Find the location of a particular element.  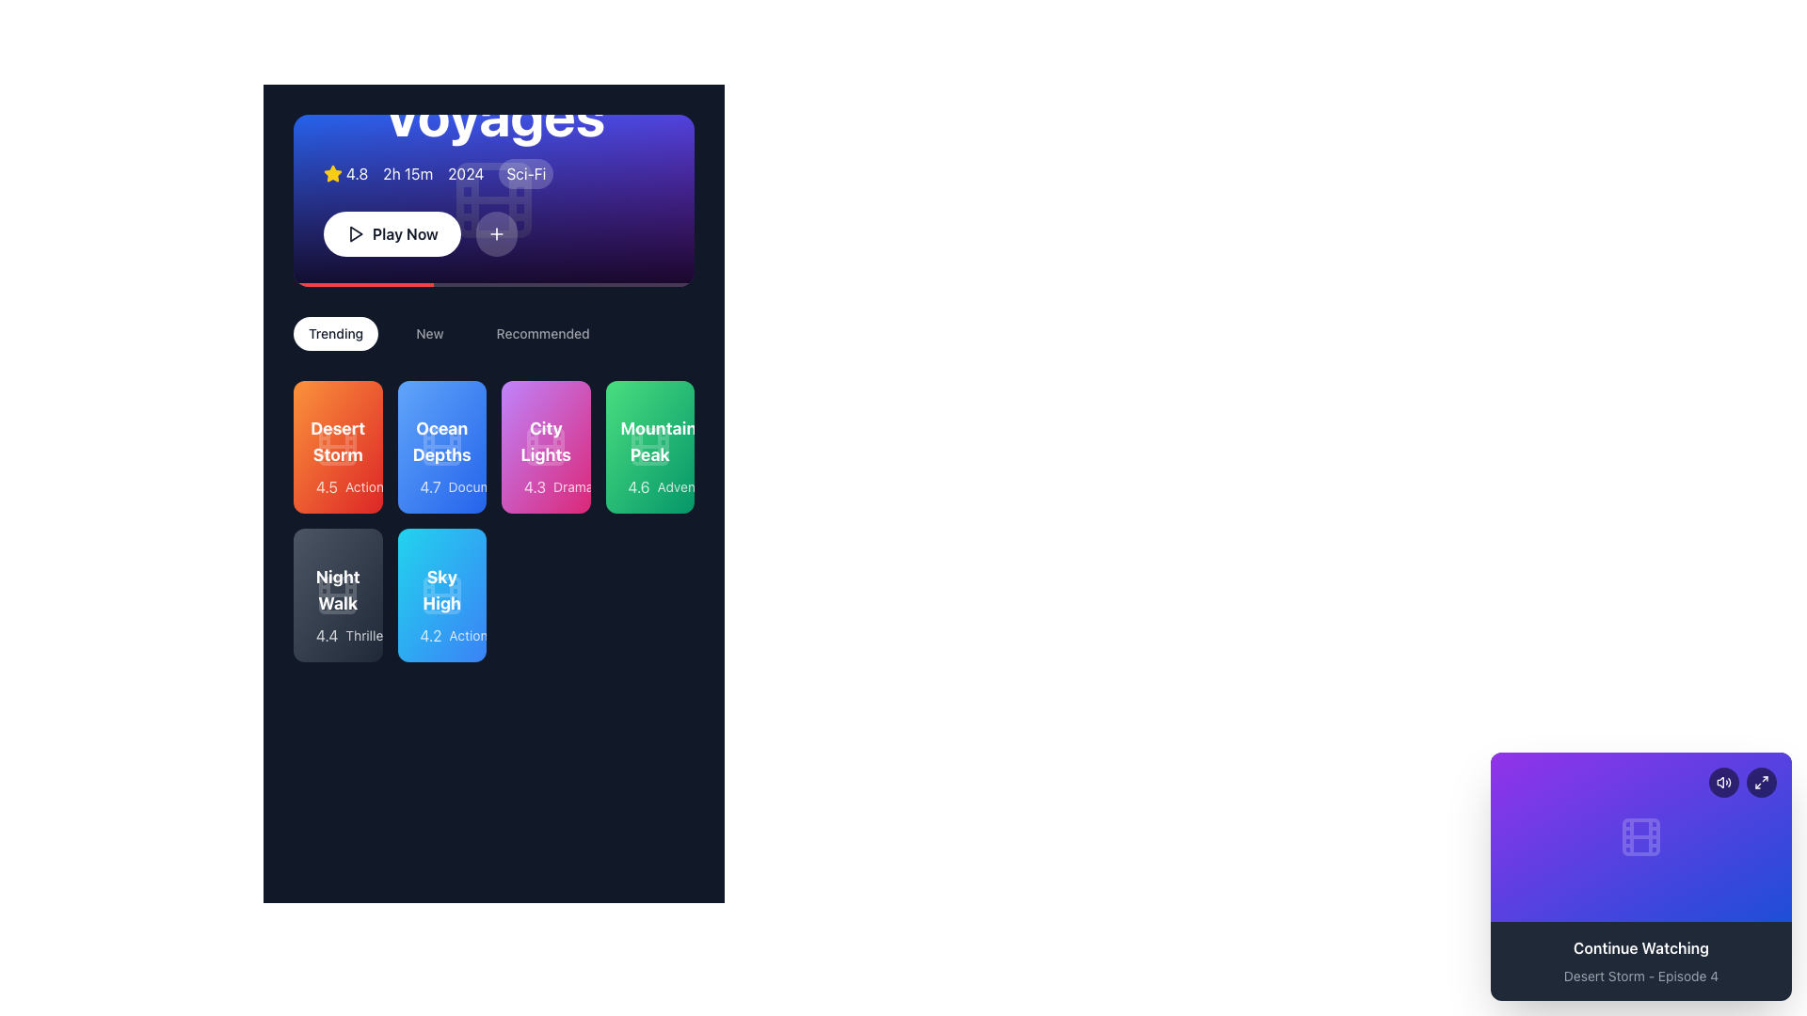

the 'Desert Storm' media card, which has a vibrant orange gradient background and displays the text 'Desert Storm' in bold white lettering is located at coordinates (338, 457).